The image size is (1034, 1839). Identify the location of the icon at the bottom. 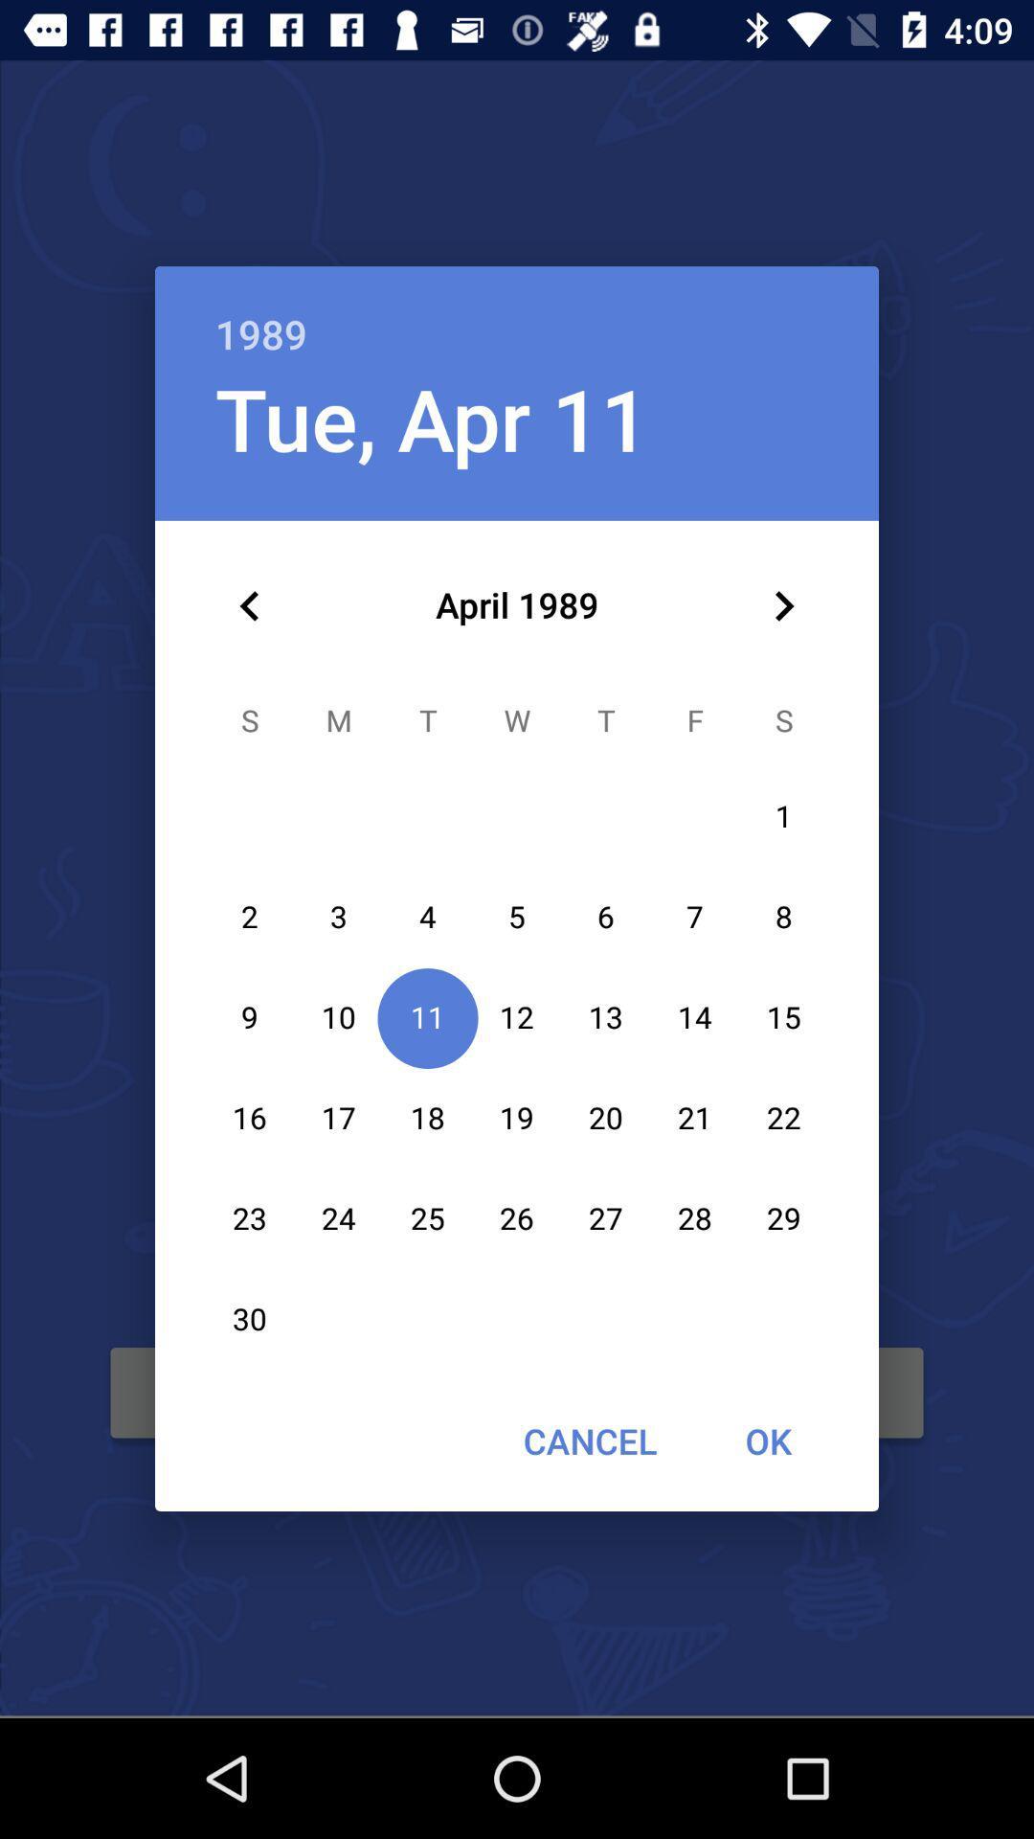
(589, 1441).